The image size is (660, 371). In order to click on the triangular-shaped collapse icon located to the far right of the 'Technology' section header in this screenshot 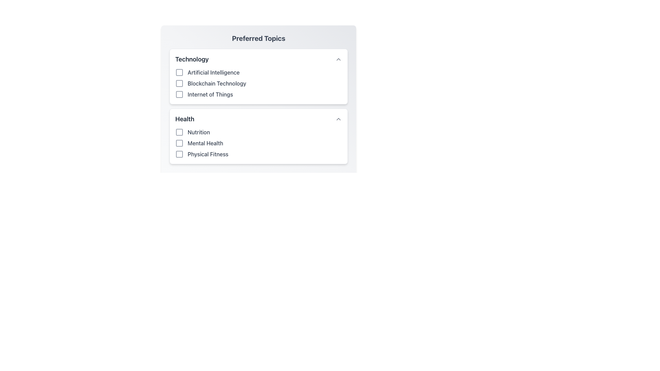, I will do `click(338, 59)`.